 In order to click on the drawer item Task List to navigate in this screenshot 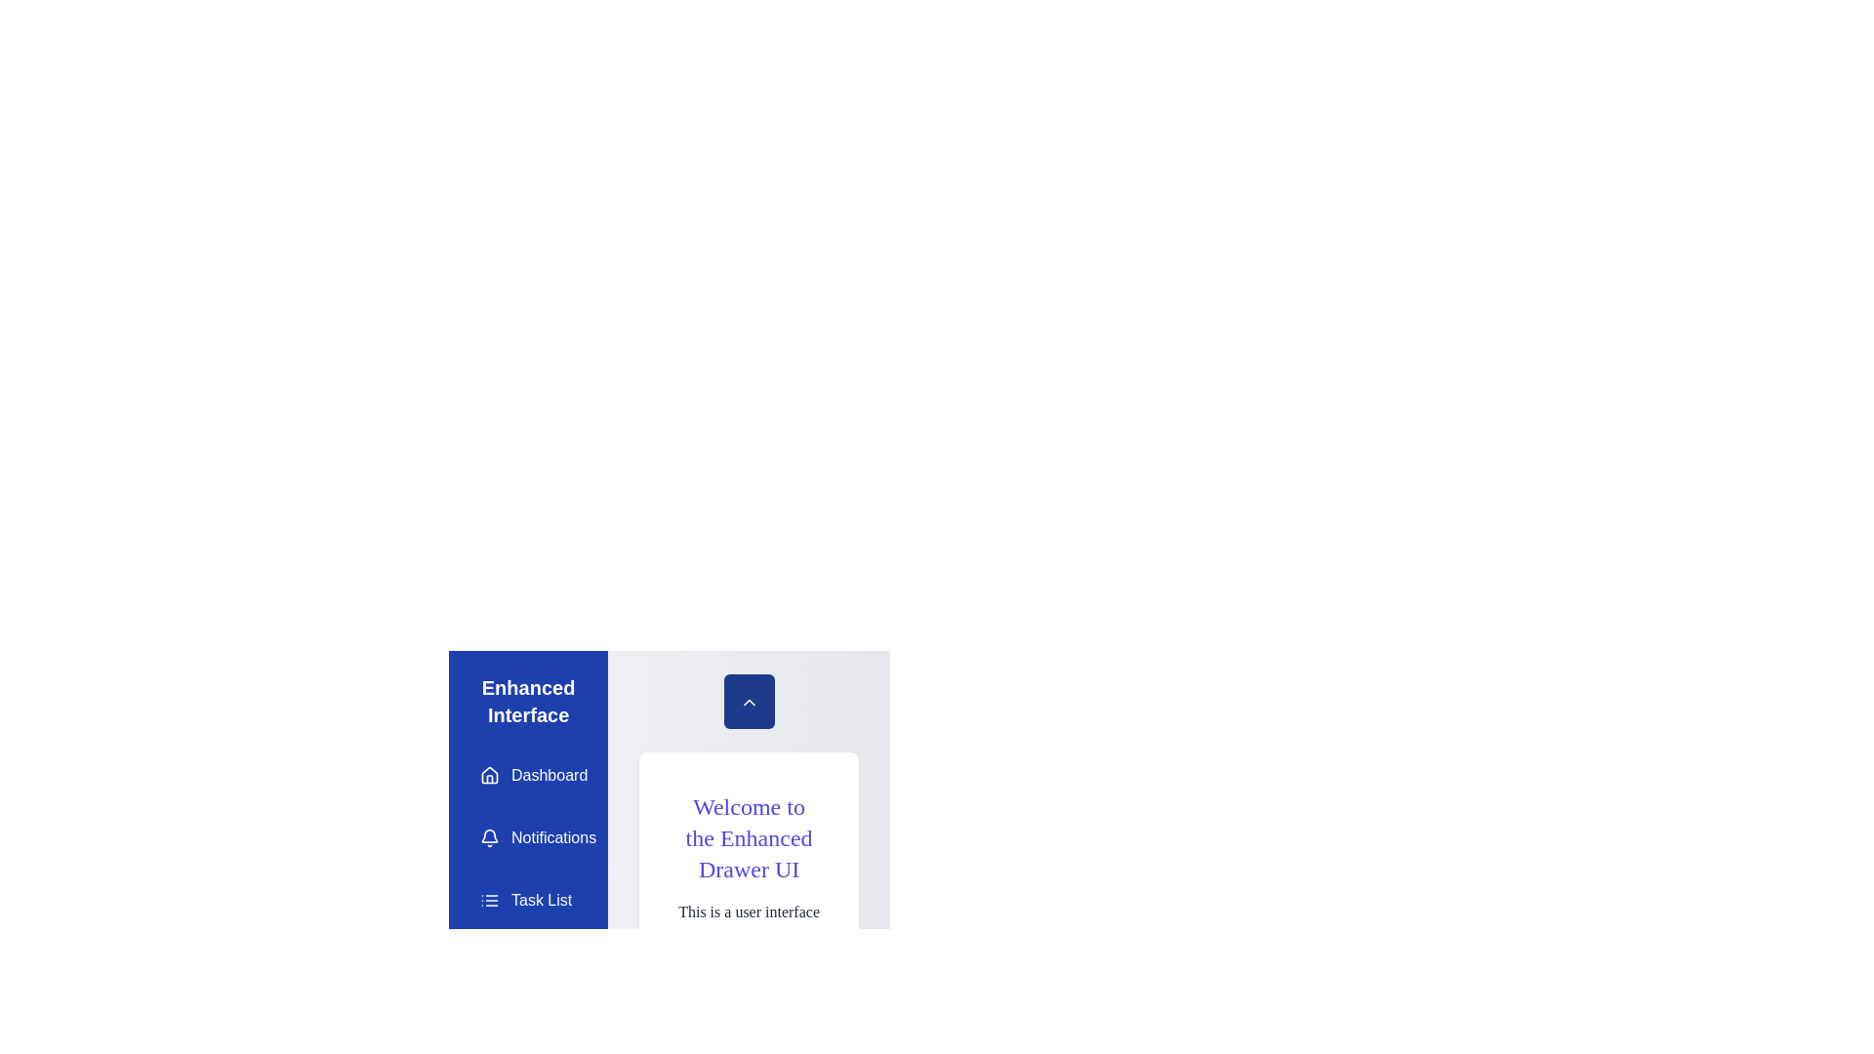, I will do `click(528, 900)`.